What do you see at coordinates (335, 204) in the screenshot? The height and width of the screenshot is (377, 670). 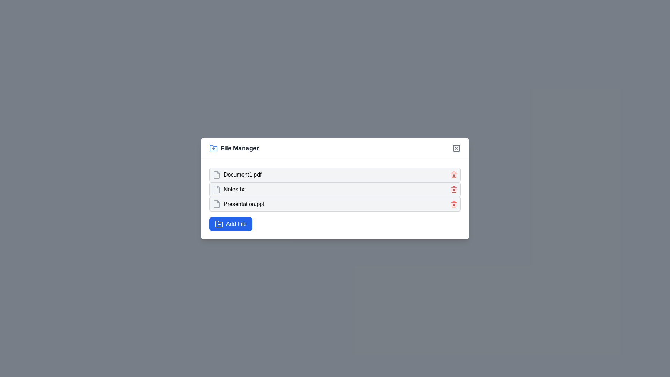 I see `the list item displaying the file name 'Presentation.ppt' in the File Manager interface` at bounding box center [335, 204].